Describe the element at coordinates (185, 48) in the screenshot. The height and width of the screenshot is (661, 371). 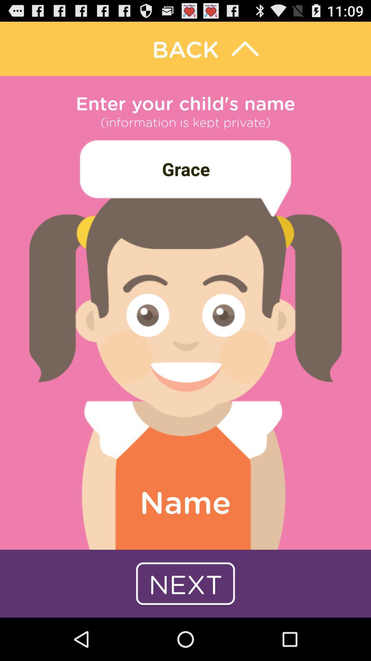
I see `go back` at that location.